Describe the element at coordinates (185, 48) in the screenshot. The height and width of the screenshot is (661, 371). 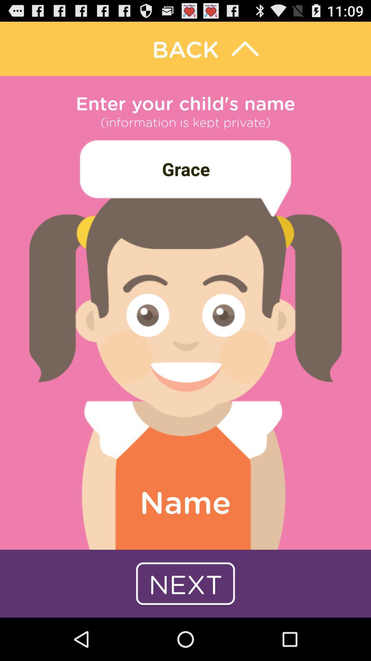
I see `go back` at that location.